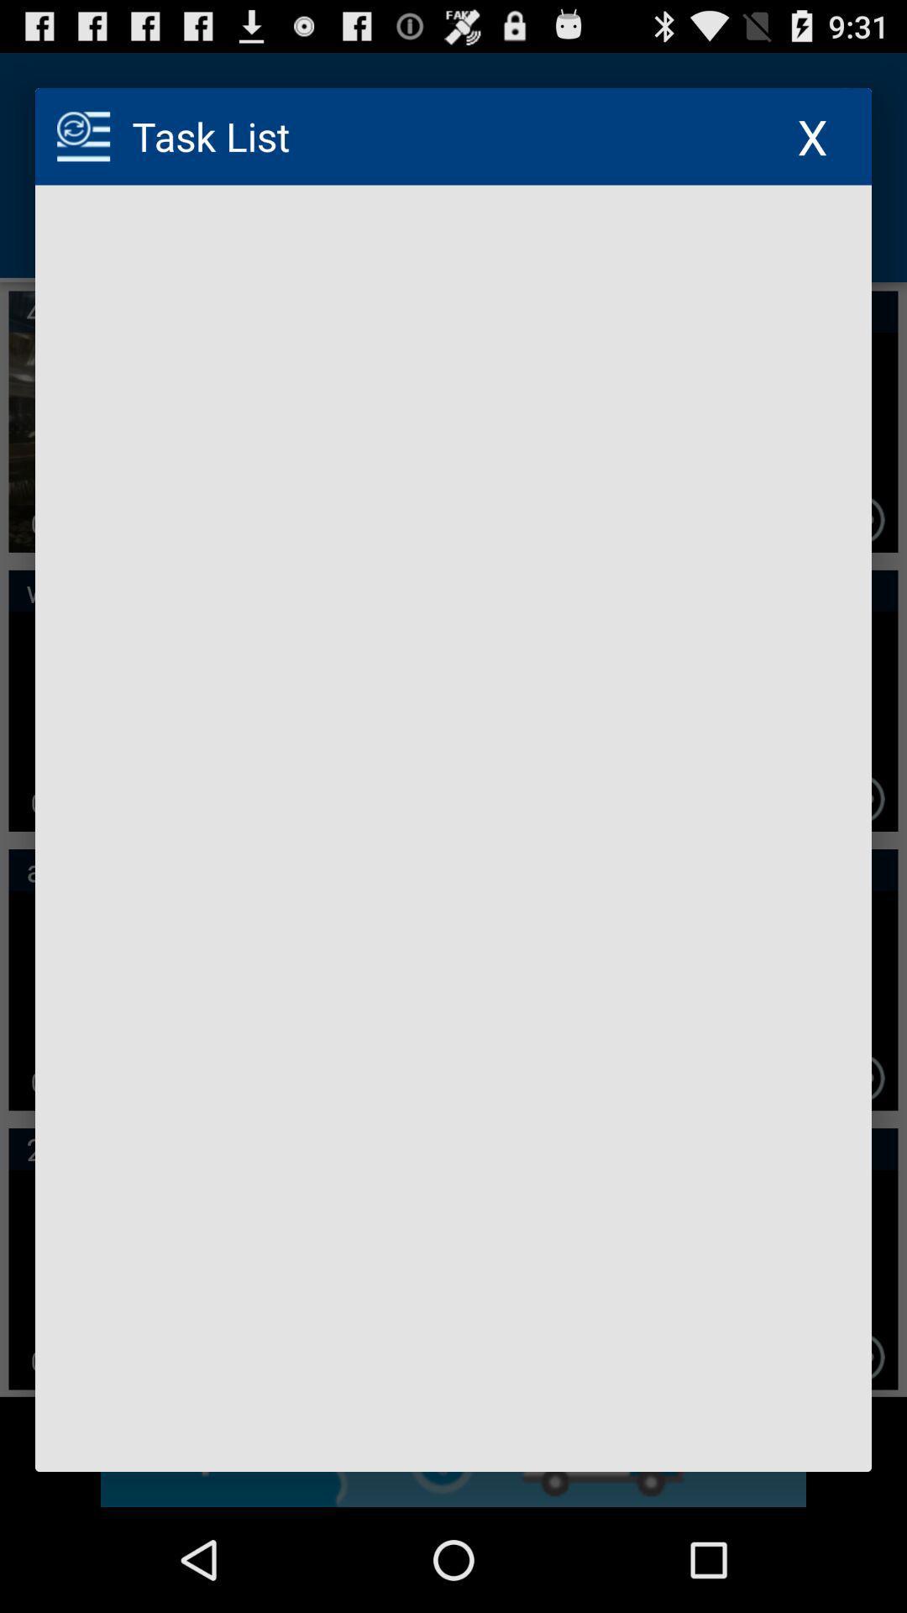  Describe the element at coordinates (811, 136) in the screenshot. I see `item to the right of task list icon` at that location.